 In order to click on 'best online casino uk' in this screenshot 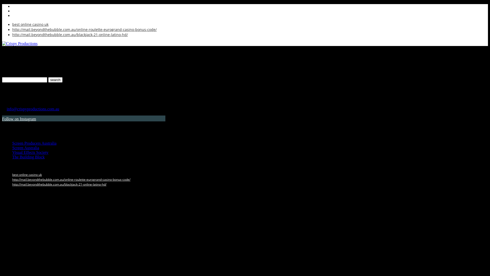, I will do `click(27, 174)`.